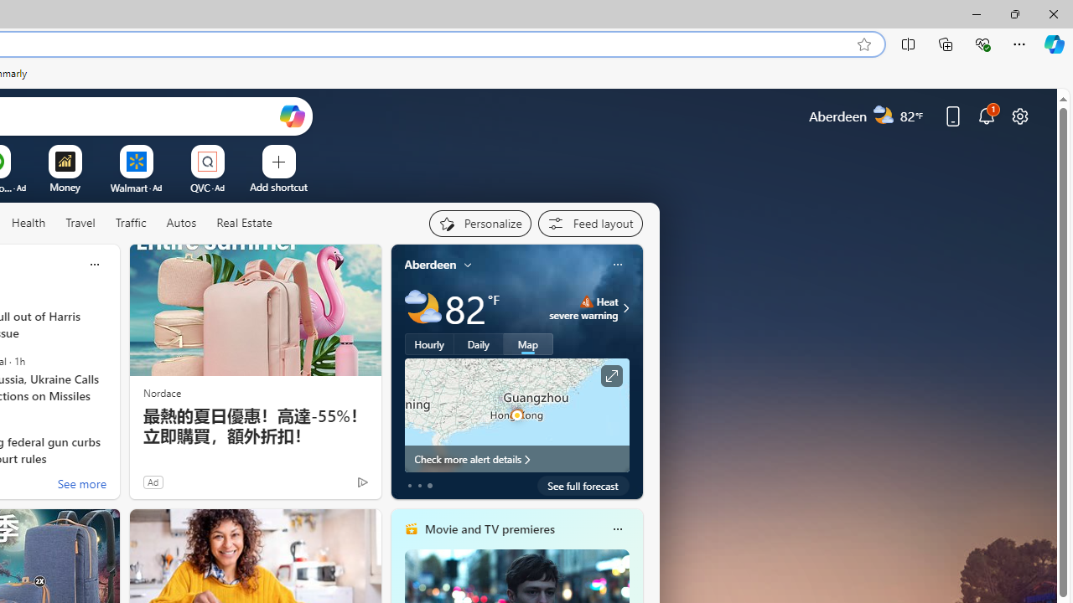 The image size is (1073, 603). Describe the element at coordinates (430, 264) in the screenshot. I see `'Aberdeen'` at that location.